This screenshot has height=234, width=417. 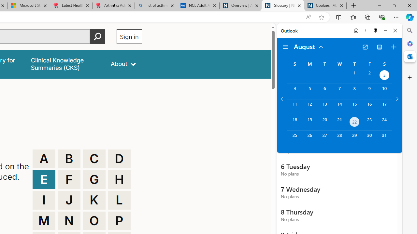 What do you see at coordinates (396, 17) in the screenshot?
I see `'Settings and more (Alt+F)'` at bounding box center [396, 17].